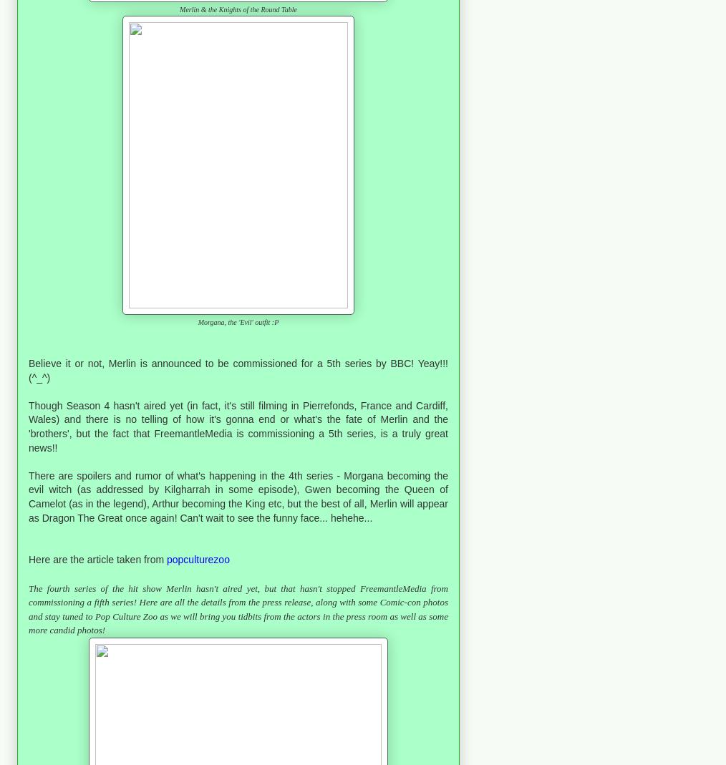 The image size is (726, 765). What do you see at coordinates (27, 559) in the screenshot?
I see `'Here are the article taken from'` at bounding box center [27, 559].